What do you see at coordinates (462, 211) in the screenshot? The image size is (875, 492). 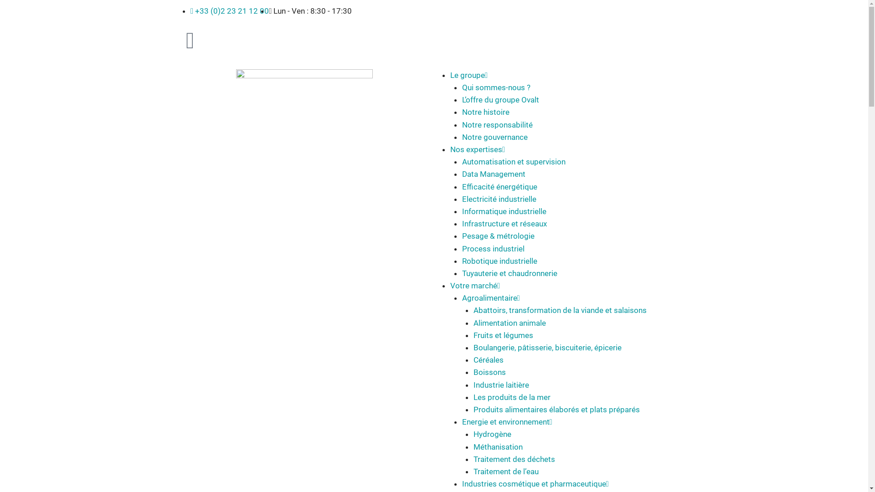 I see `'Informatique industrielle'` at bounding box center [462, 211].